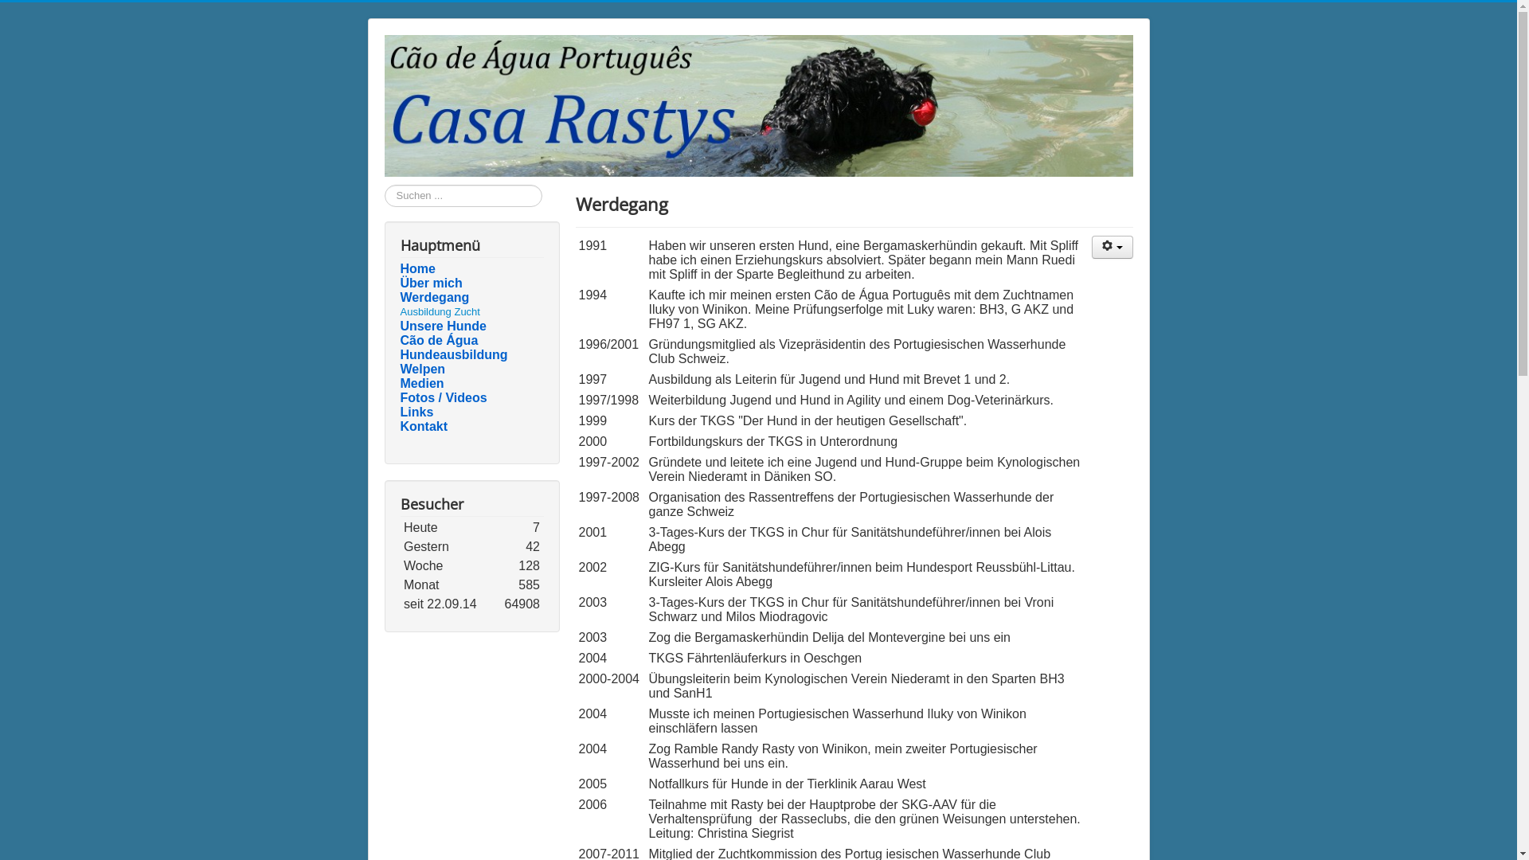  Describe the element at coordinates (470, 268) in the screenshot. I see `'Home'` at that location.